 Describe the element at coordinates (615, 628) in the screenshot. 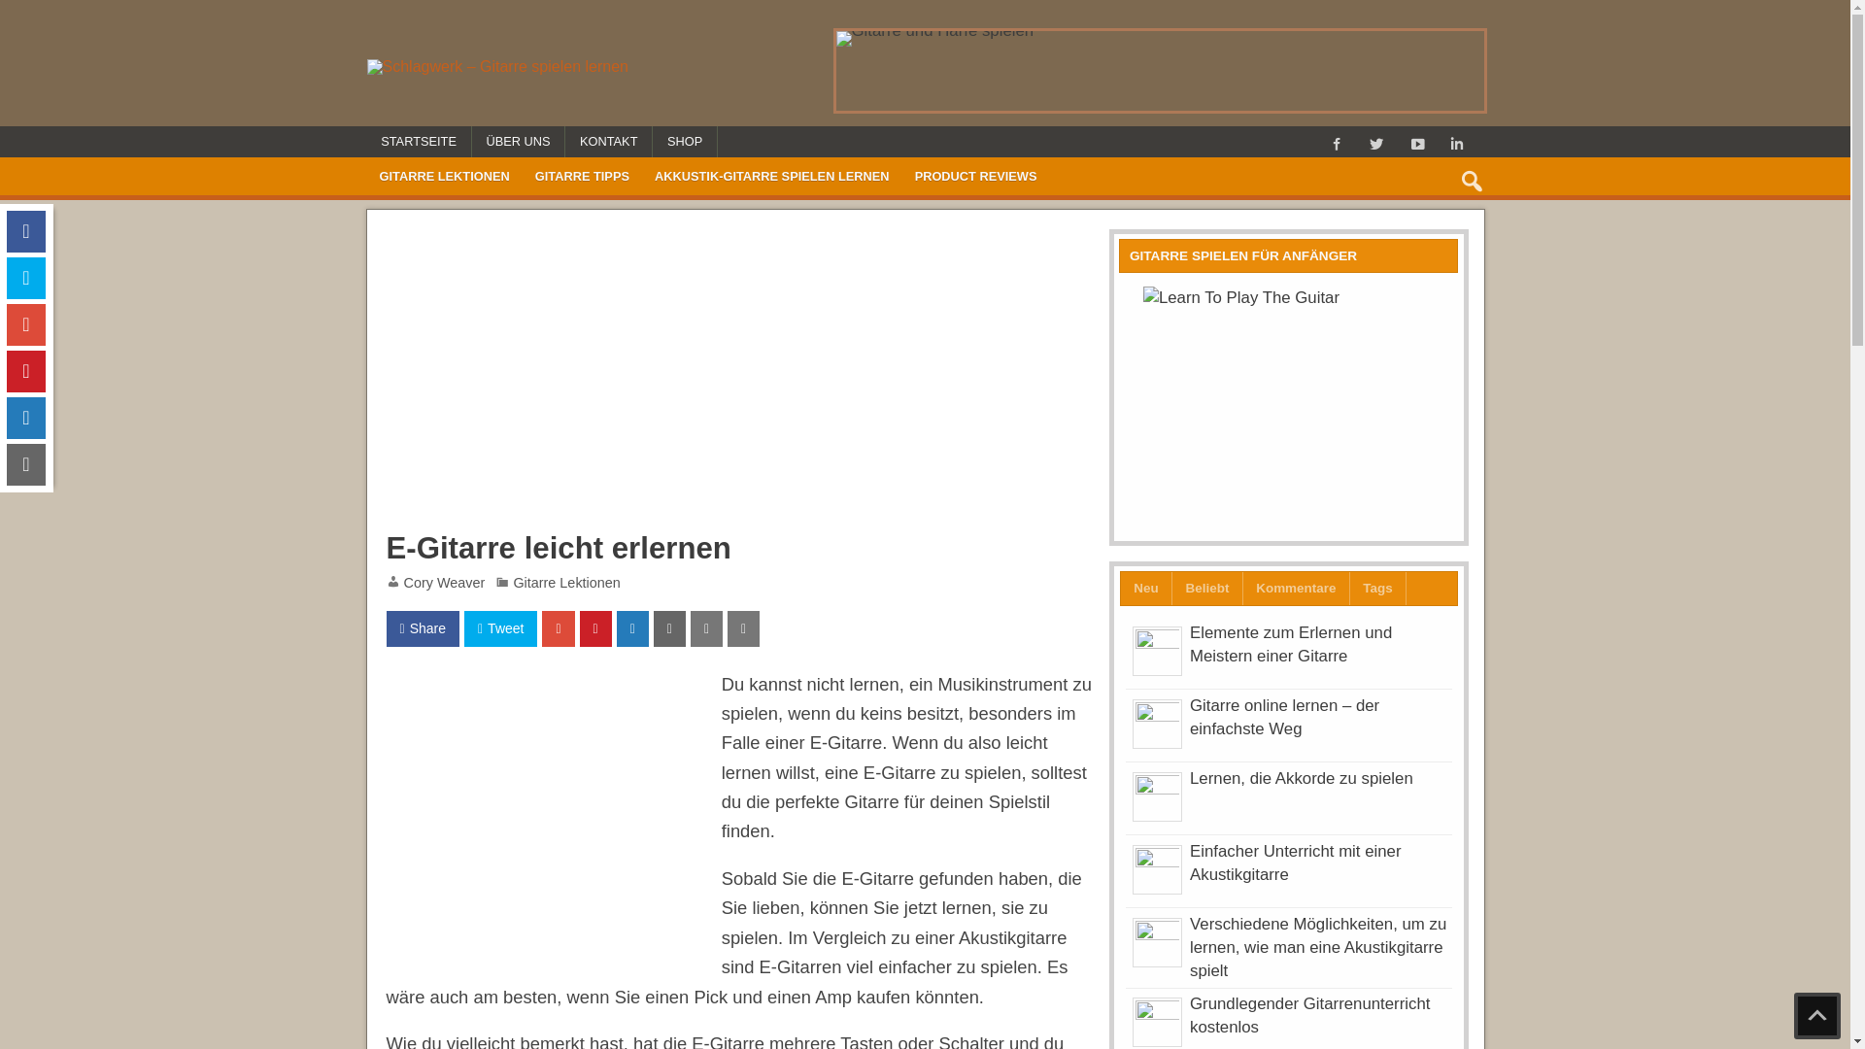

I see `'Share On Linkedin'` at that location.